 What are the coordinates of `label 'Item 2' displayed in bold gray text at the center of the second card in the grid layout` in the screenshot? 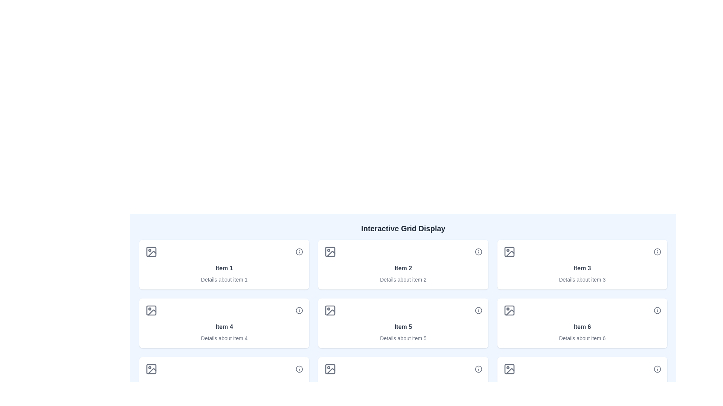 It's located at (403, 268).